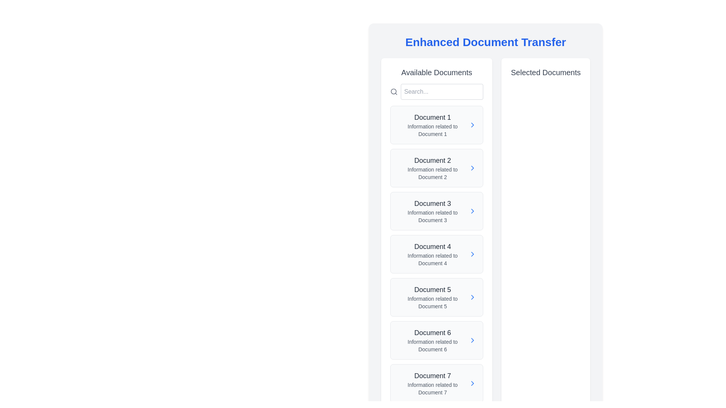 This screenshot has width=726, height=408. I want to click on the button labeled 'Document 6' in the 'Available Documents' section, so click(437, 340).